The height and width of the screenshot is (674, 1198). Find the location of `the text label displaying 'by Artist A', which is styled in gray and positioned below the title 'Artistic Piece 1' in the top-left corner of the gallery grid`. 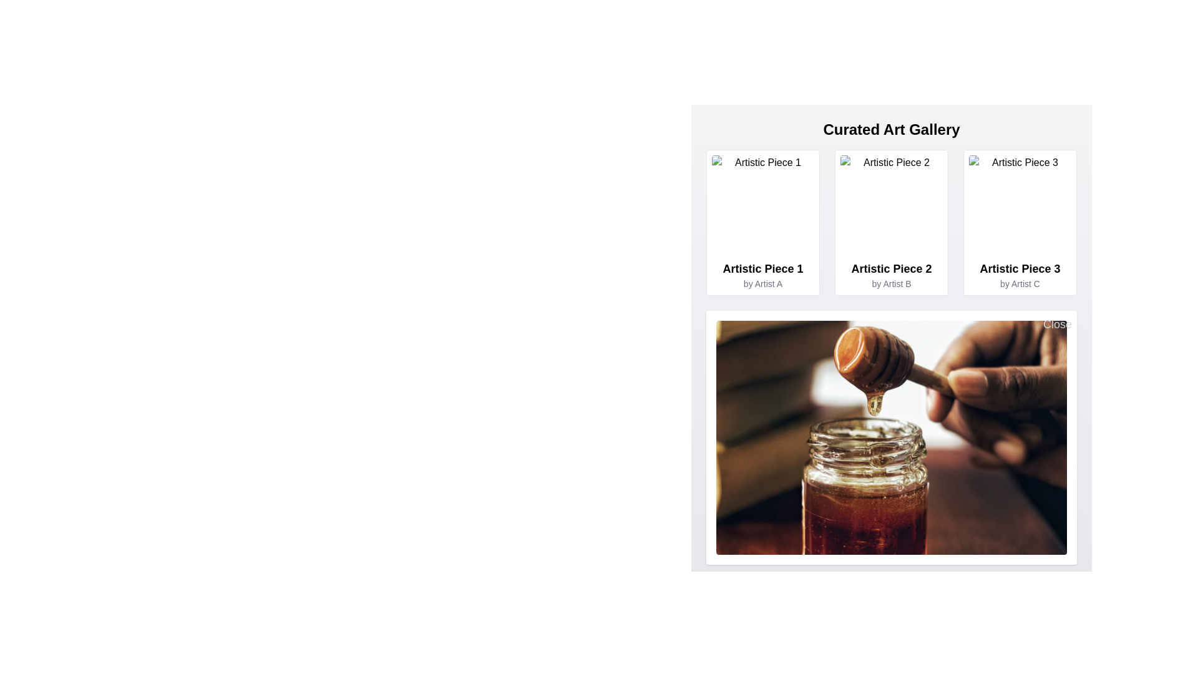

the text label displaying 'by Artist A', which is styled in gray and positioned below the title 'Artistic Piece 1' in the top-left corner of the gallery grid is located at coordinates (762, 284).